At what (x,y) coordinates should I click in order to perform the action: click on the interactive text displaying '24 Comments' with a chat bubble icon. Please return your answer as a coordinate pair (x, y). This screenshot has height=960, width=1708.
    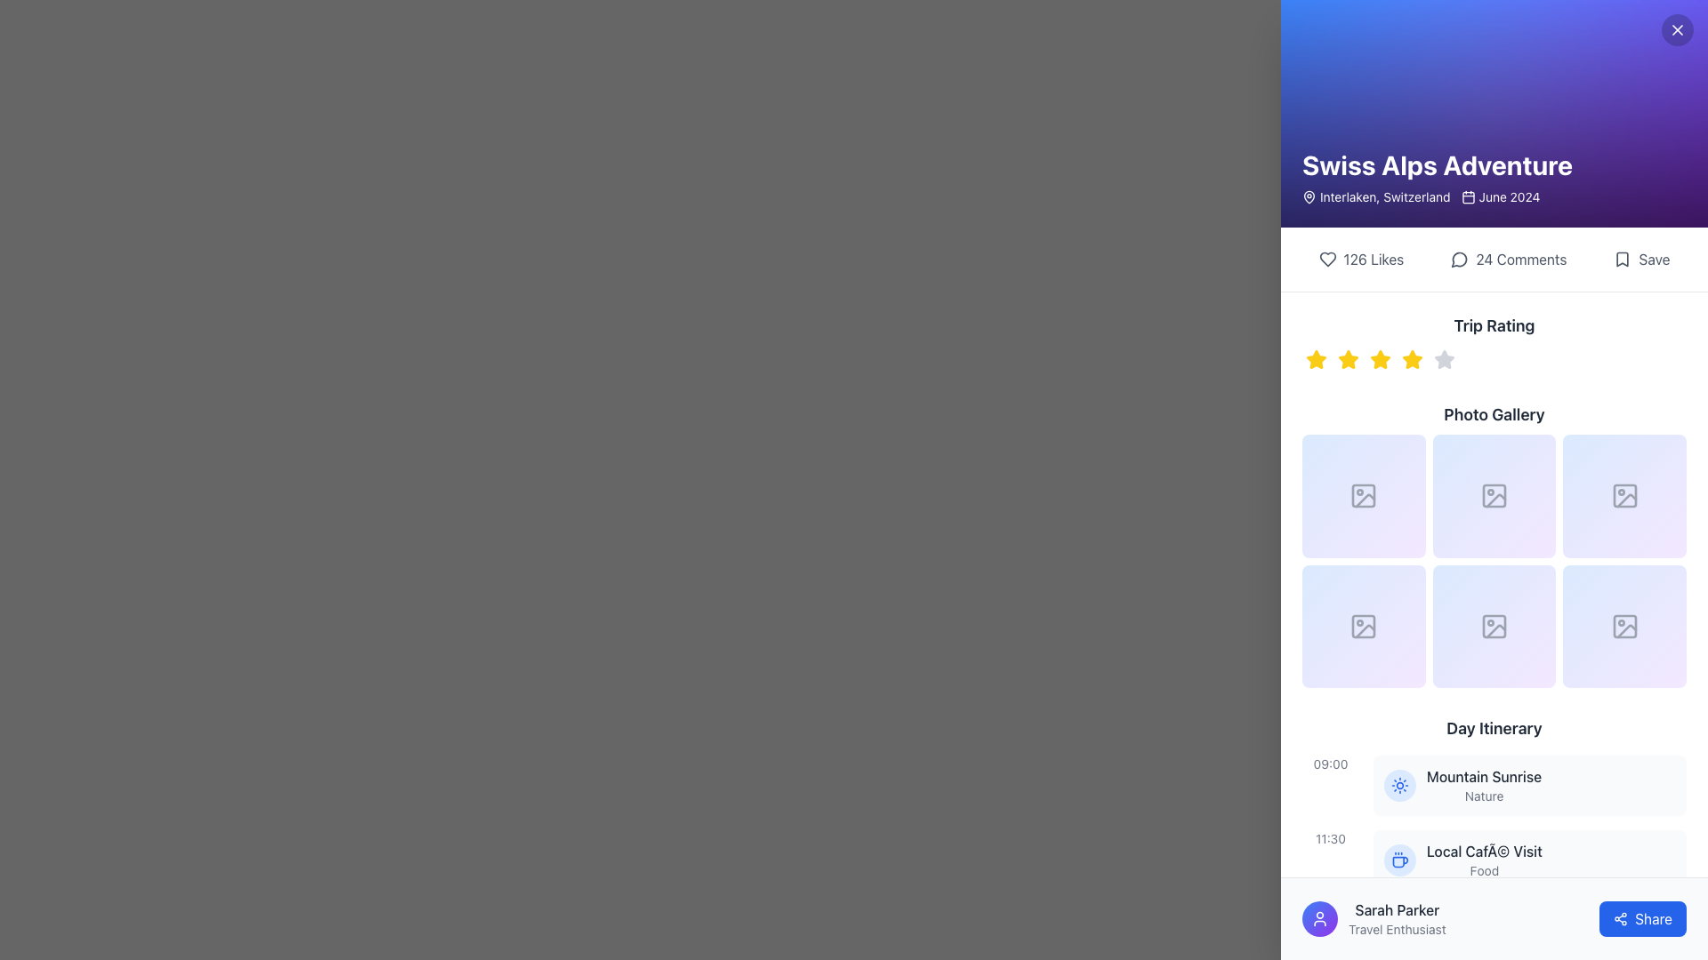
    Looking at the image, I should click on (1508, 260).